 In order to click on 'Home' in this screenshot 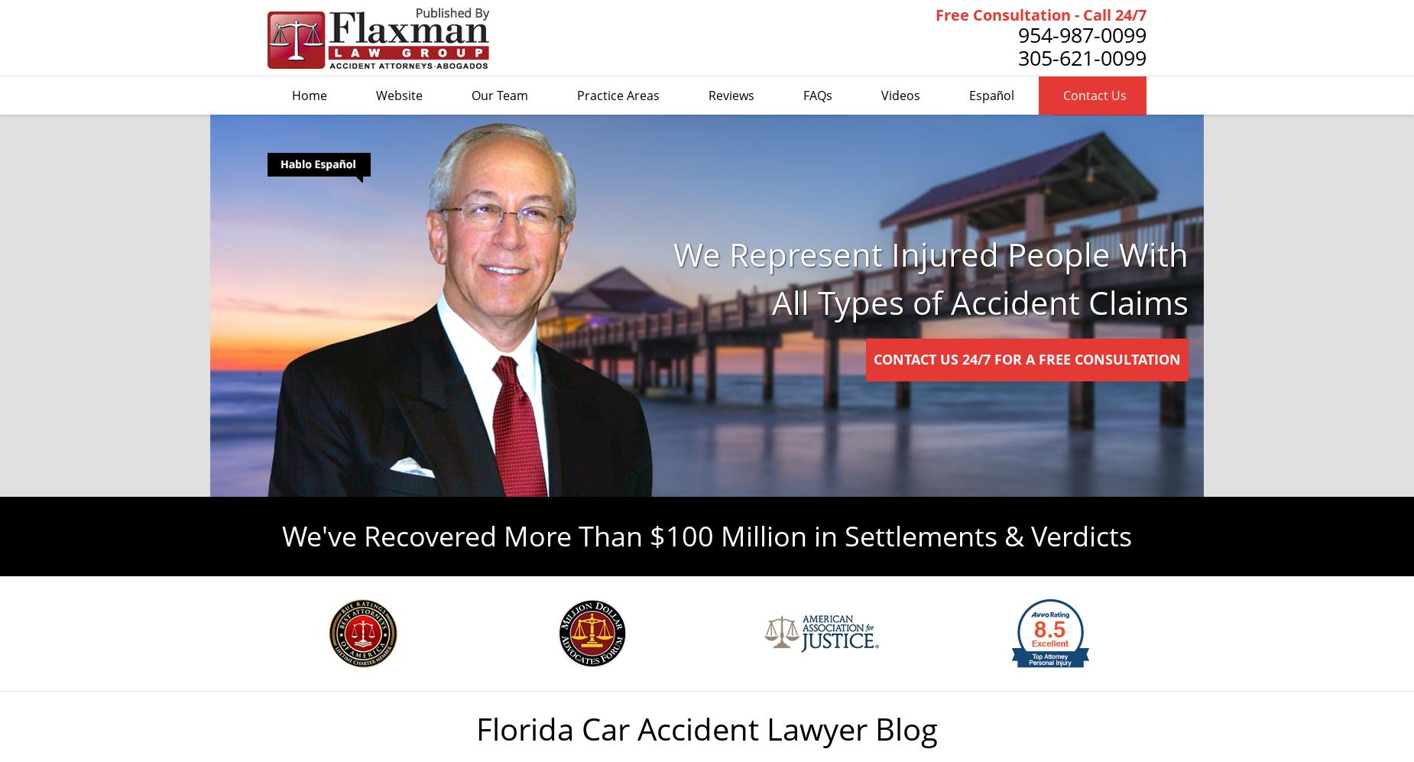, I will do `click(308, 96)`.